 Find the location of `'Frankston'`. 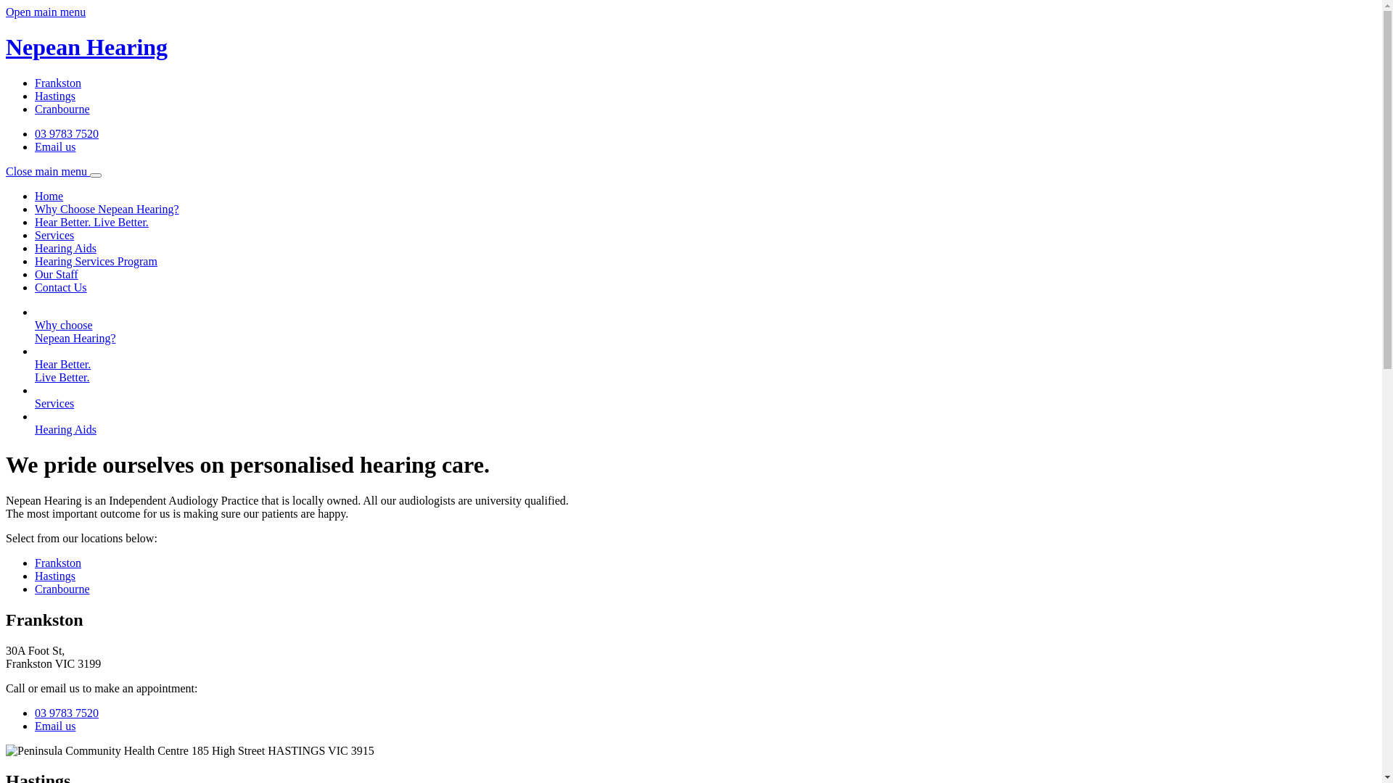

'Frankston' is located at coordinates (58, 562).